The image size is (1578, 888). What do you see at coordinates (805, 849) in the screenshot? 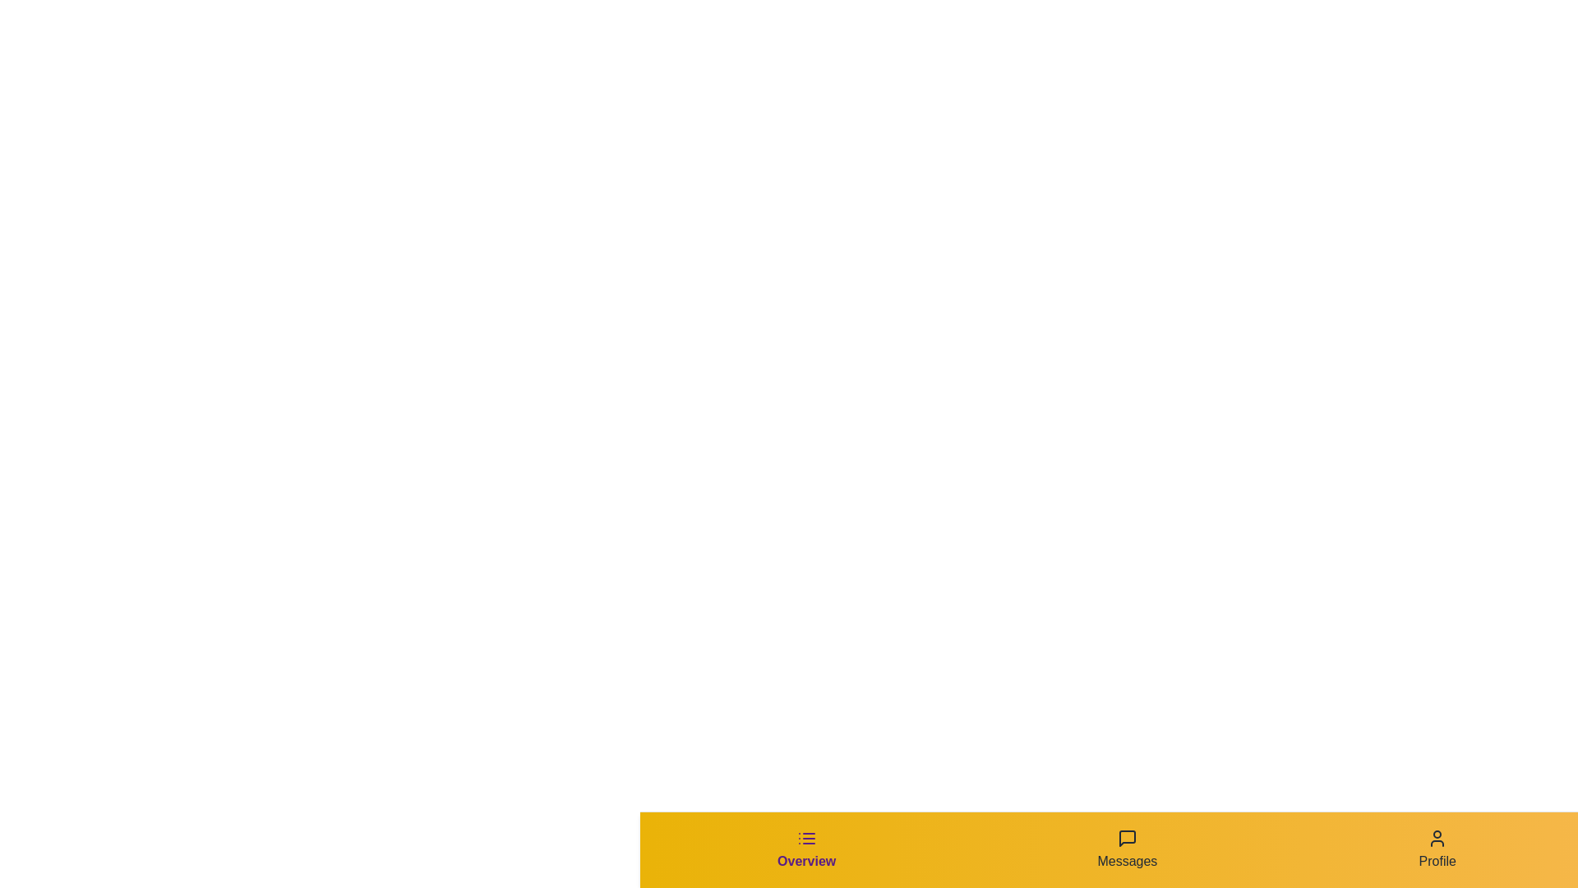
I see `the tab corresponding to Overview` at bounding box center [805, 849].